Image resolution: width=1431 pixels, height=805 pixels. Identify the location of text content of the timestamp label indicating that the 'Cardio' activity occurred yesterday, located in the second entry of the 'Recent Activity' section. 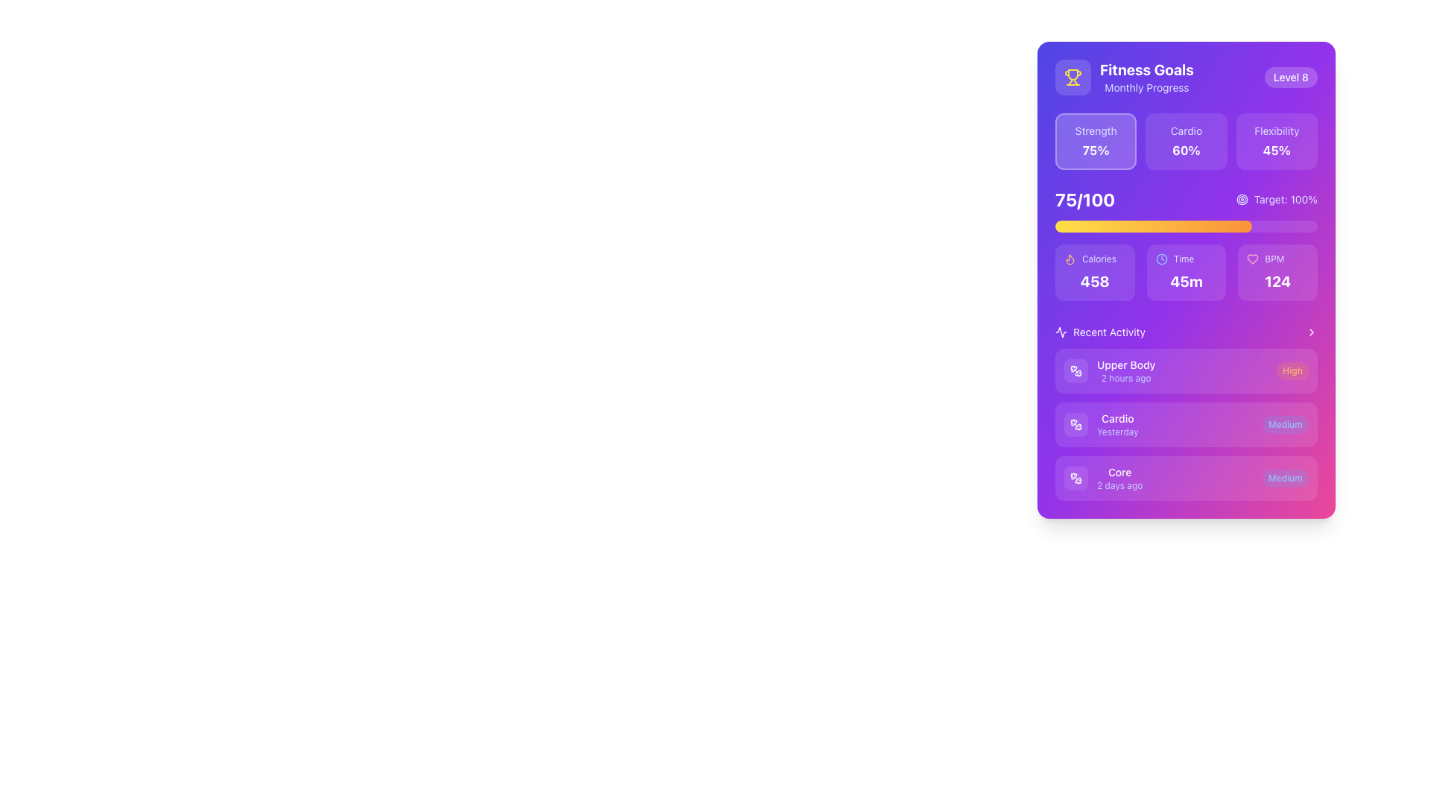
(1117, 432).